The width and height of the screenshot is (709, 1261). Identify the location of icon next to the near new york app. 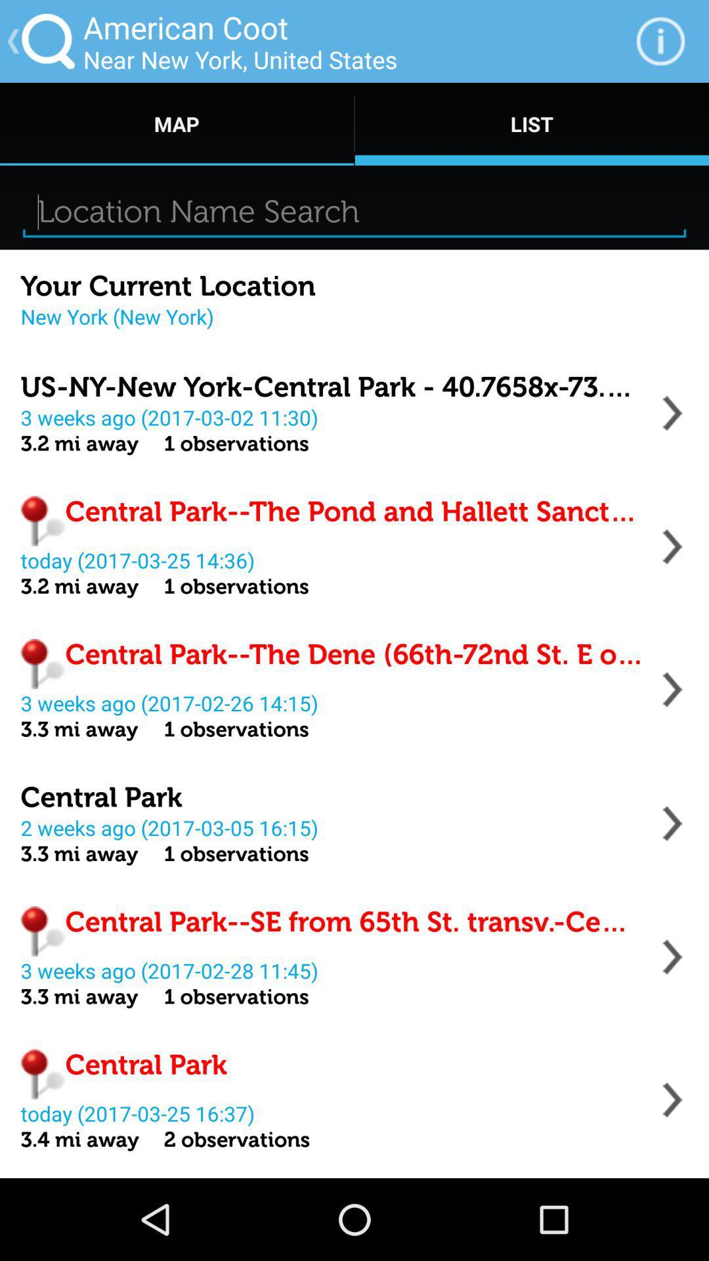
(660, 41).